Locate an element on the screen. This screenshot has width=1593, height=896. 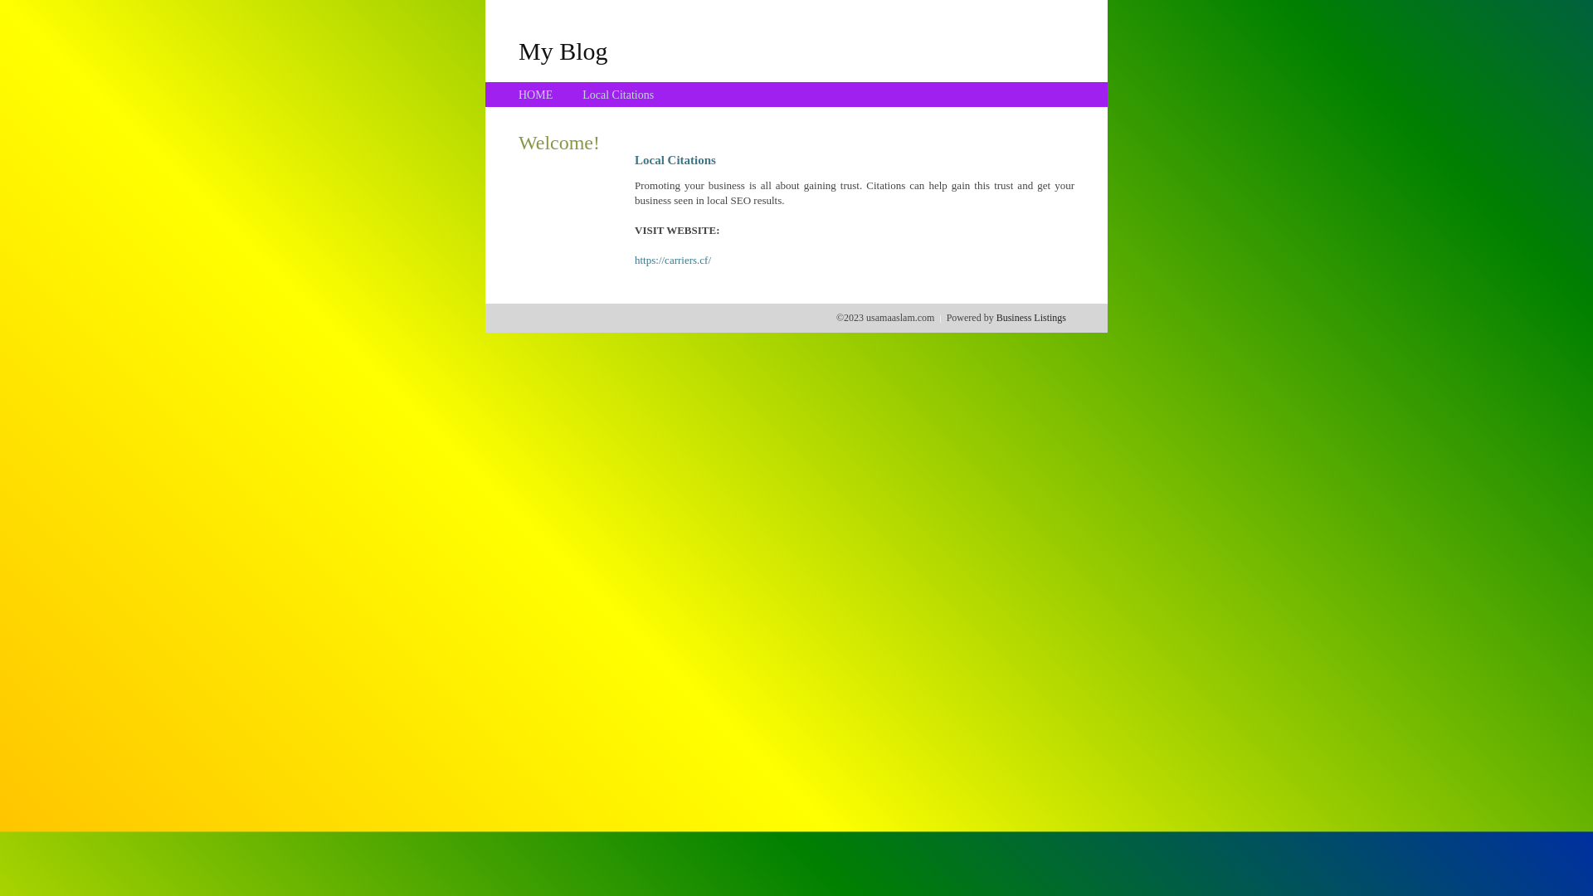
'https://carriers.cf/' is located at coordinates (633, 260).